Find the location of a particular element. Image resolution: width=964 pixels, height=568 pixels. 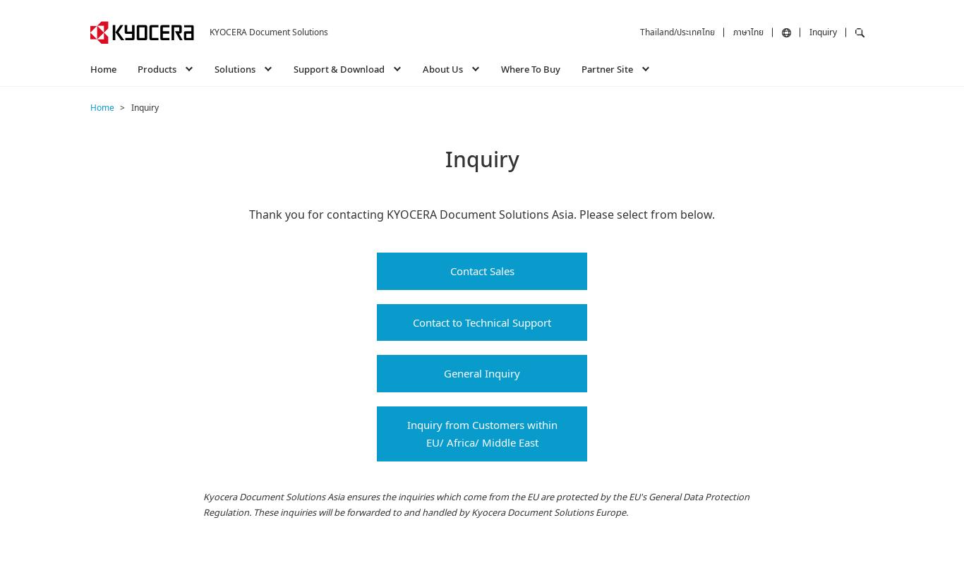

'Contact Sales' is located at coordinates (481, 270).